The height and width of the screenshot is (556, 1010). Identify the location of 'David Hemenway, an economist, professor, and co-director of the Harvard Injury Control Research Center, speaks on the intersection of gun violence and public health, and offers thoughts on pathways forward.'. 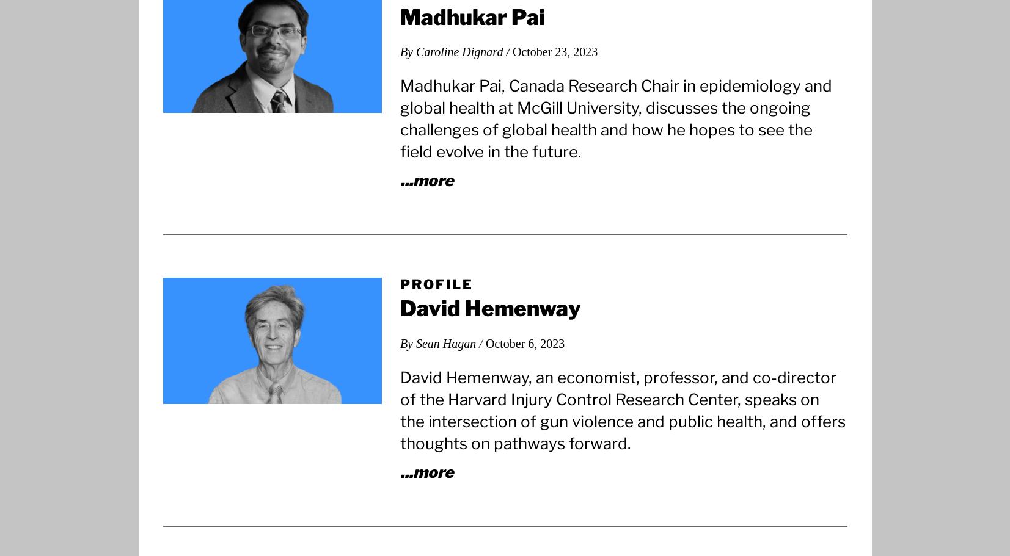
(622, 409).